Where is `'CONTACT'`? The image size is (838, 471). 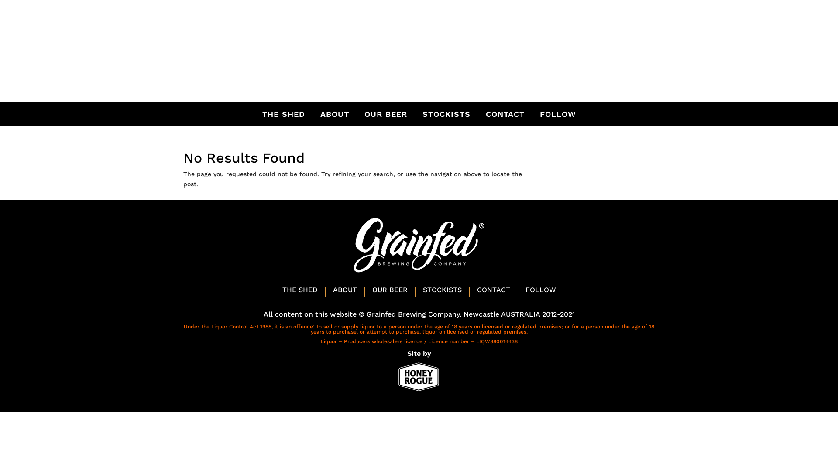 'CONTACT' is located at coordinates (473, 291).